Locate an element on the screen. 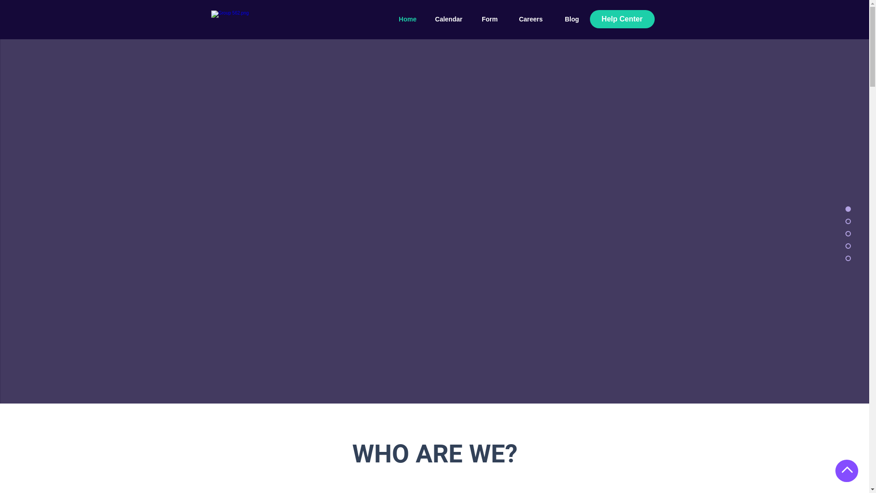 Image resolution: width=876 pixels, height=493 pixels. 'Home' is located at coordinates (407, 19).